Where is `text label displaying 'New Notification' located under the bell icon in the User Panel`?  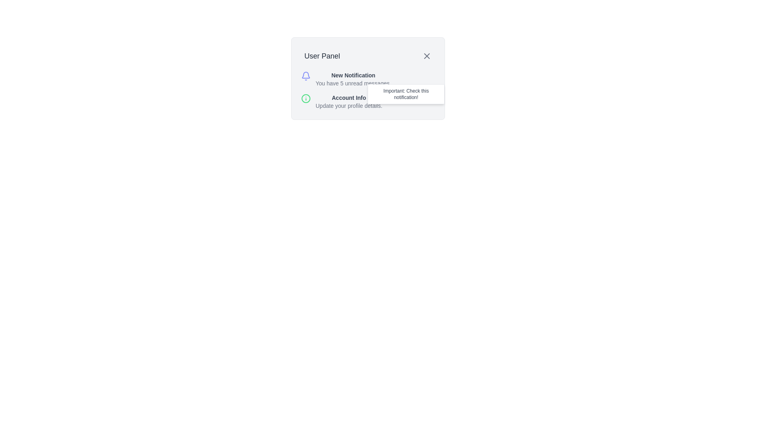
text label displaying 'New Notification' located under the bell icon in the User Panel is located at coordinates (353, 75).